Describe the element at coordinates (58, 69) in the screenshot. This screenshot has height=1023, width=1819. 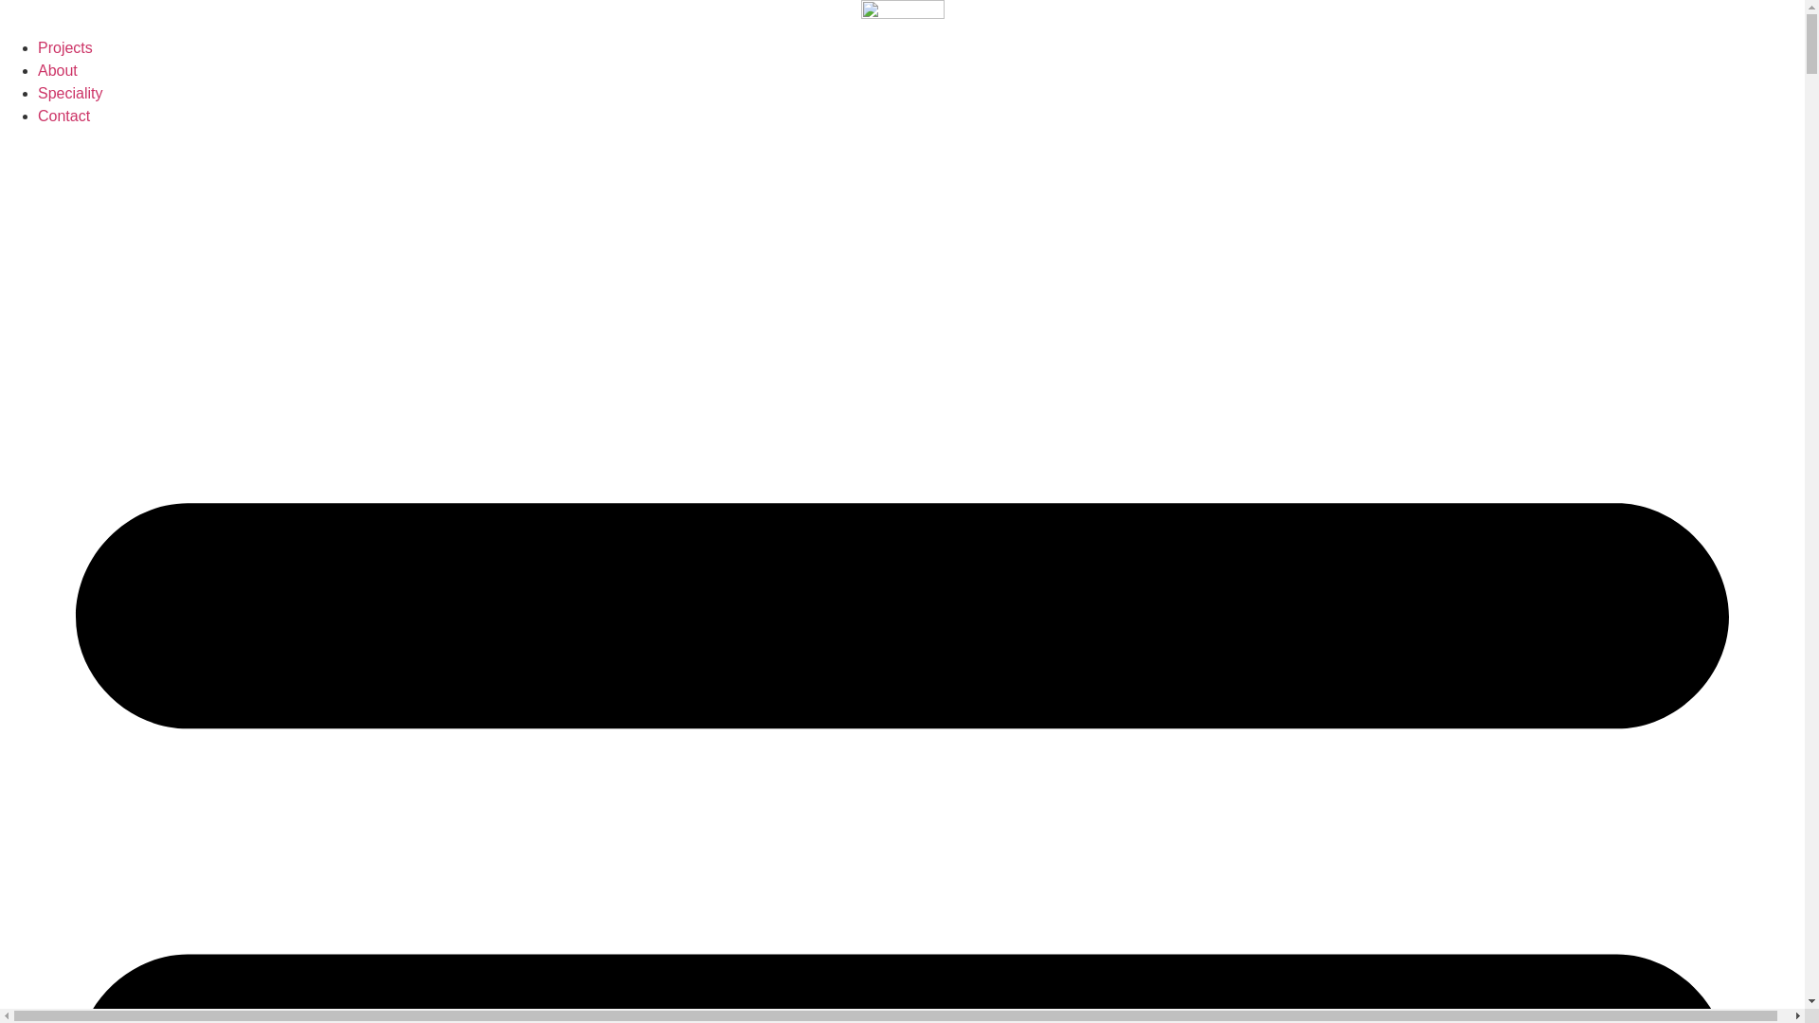
I see `'About'` at that location.